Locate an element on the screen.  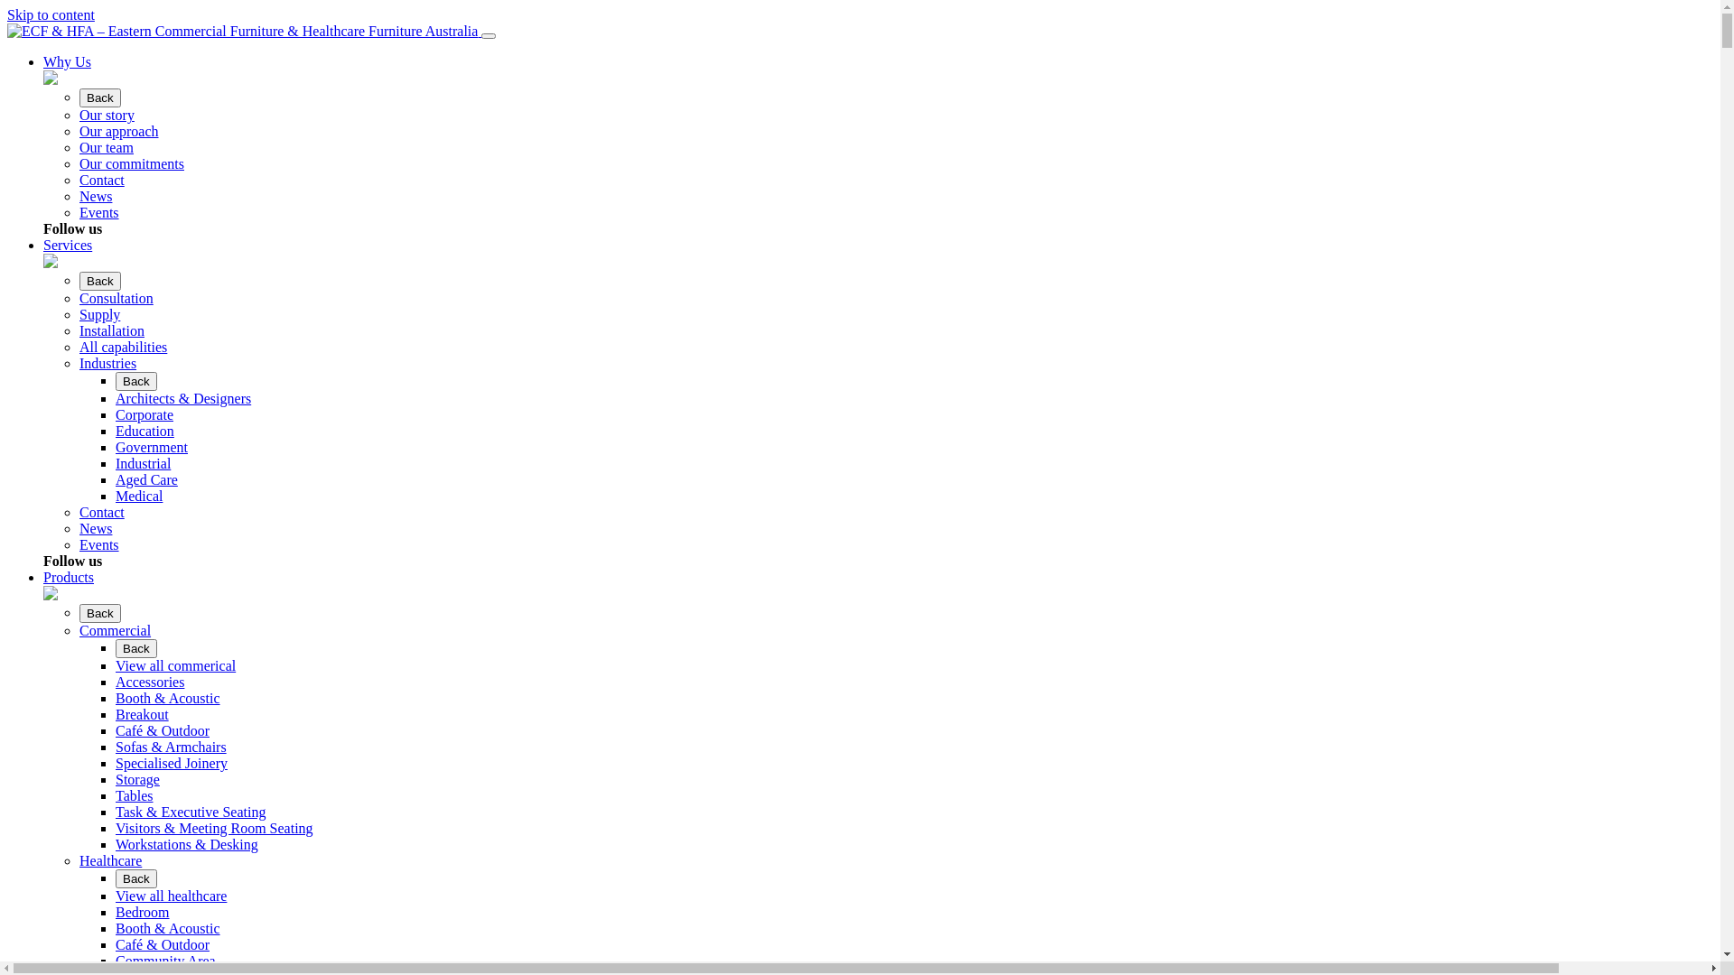
'Storage' is located at coordinates (136, 778).